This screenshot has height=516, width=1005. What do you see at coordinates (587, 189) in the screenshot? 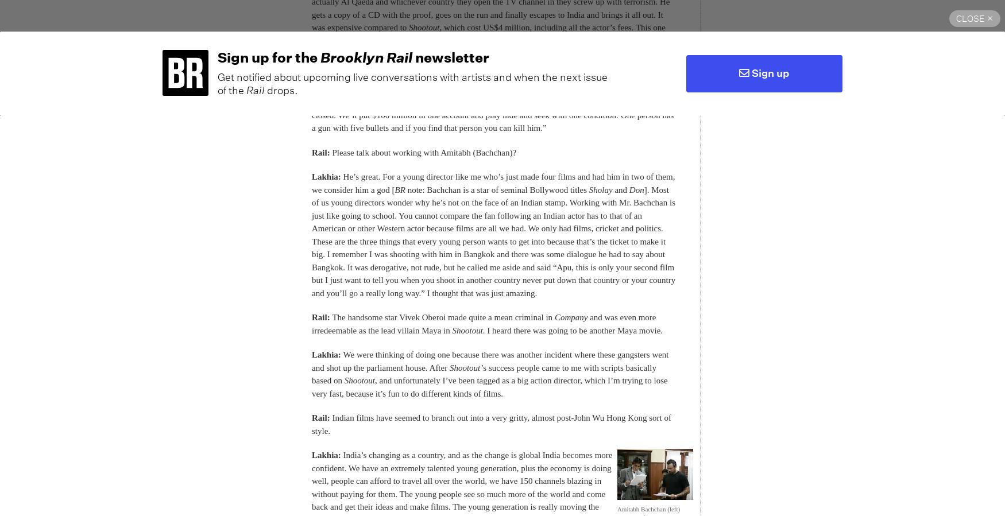
I see `'Sholay'` at bounding box center [587, 189].